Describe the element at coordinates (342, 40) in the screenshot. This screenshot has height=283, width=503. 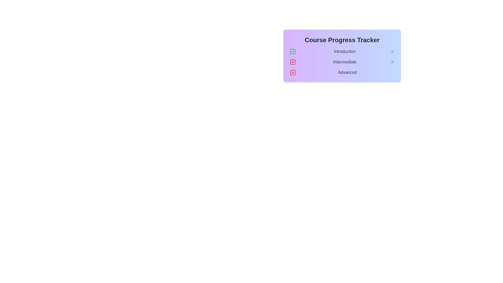
I see `the center of the title text 'Course Progress Tracker' to select it` at that location.